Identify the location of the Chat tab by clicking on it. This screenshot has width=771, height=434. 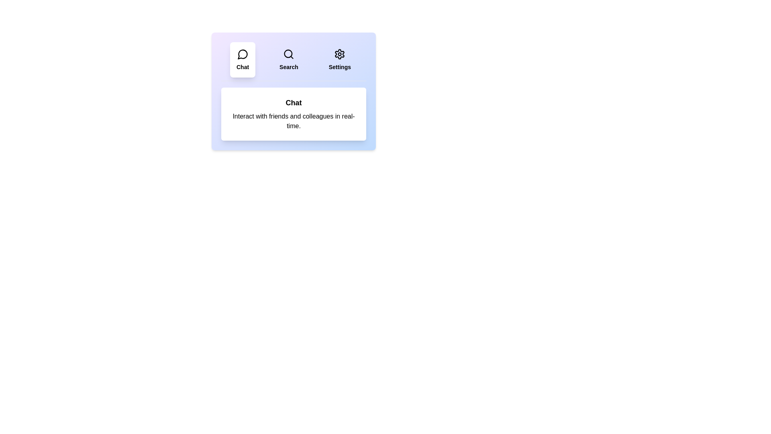
(242, 59).